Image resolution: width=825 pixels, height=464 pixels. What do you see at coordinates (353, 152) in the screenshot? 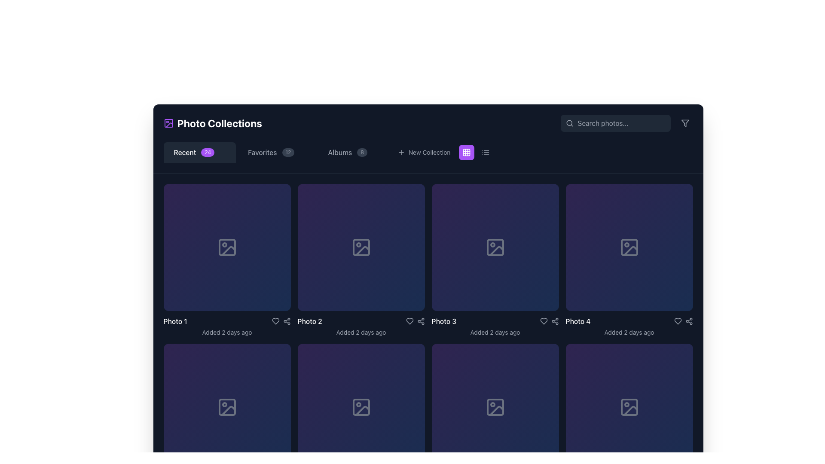
I see `the 'Albums' tab in the navigation bar` at bounding box center [353, 152].